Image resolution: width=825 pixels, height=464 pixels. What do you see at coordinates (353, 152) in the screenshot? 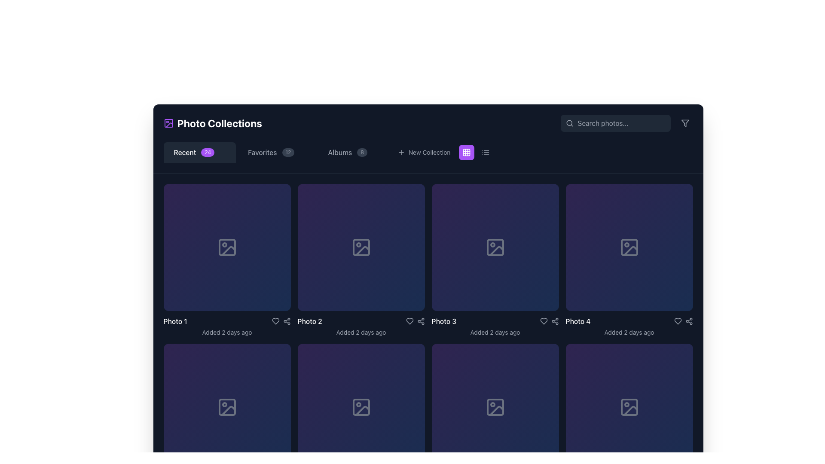
I see `the 'Albums' tab in the navigation bar` at bounding box center [353, 152].